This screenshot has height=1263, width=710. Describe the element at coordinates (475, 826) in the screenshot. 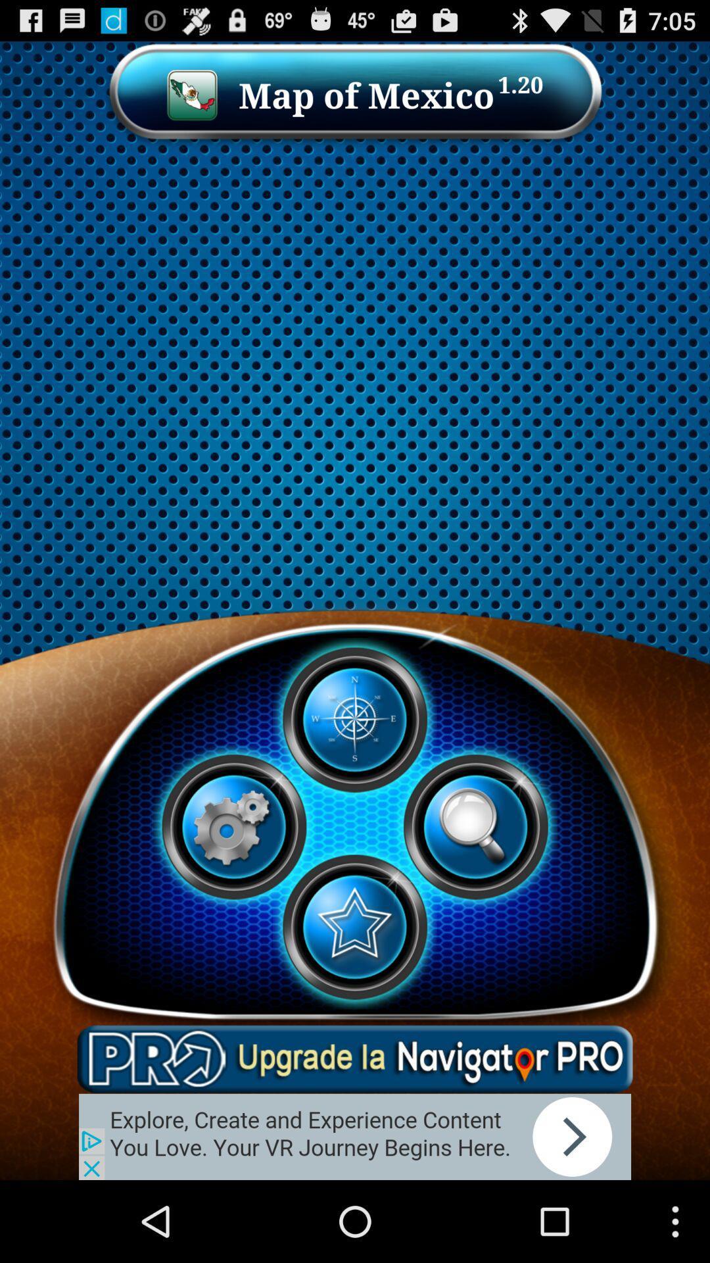

I see `search` at that location.